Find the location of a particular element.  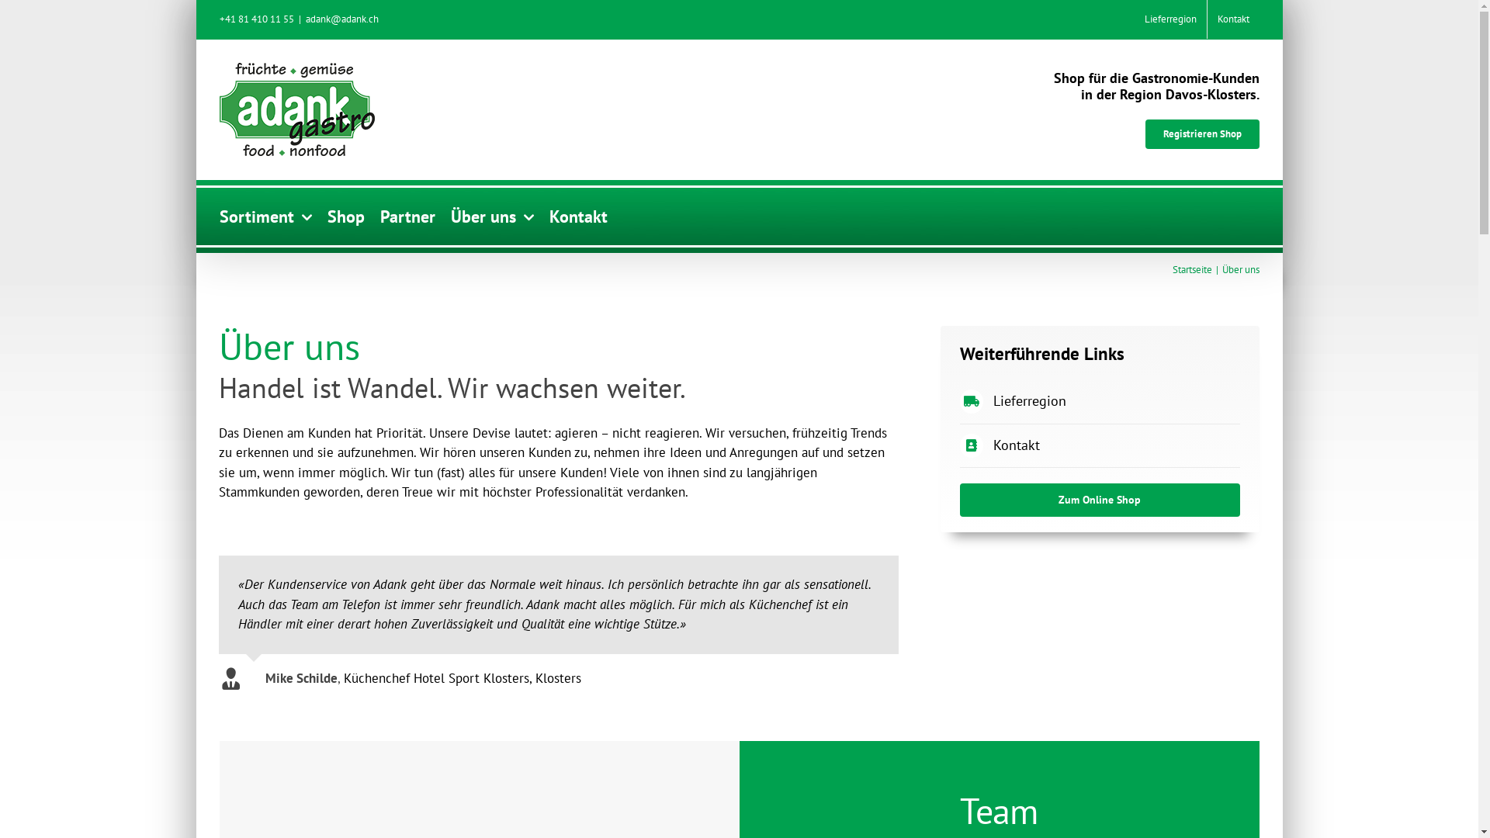

'adank@adank.ch' is located at coordinates (341, 19).